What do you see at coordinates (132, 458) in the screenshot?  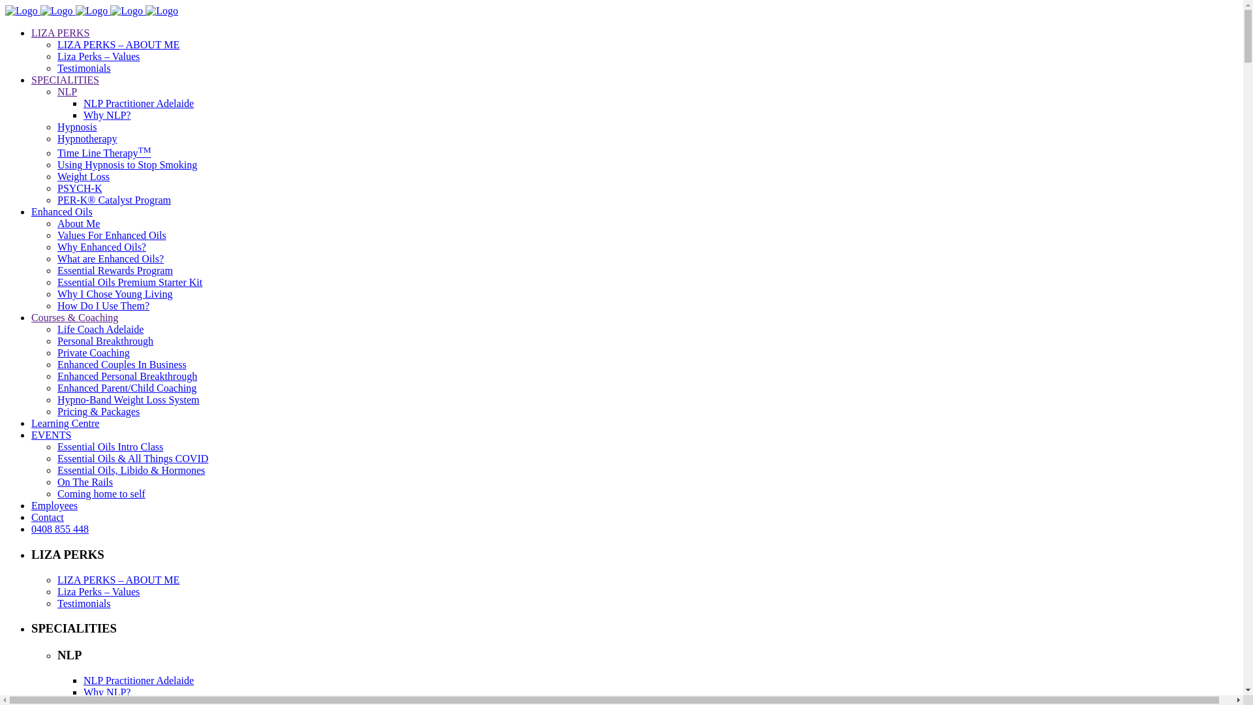 I see `'Essential Oils & All Things COVID'` at bounding box center [132, 458].